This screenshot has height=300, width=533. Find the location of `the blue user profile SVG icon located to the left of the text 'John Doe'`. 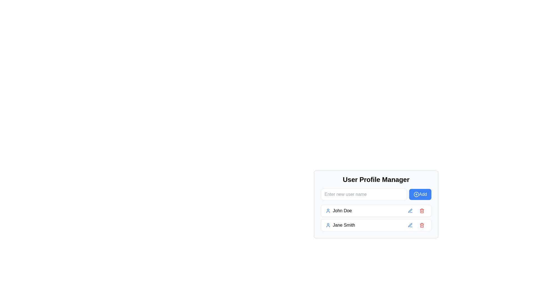

the blue user profile SVG icon located to the left of the text 'John Doe' is located at coordinates (328, 211).